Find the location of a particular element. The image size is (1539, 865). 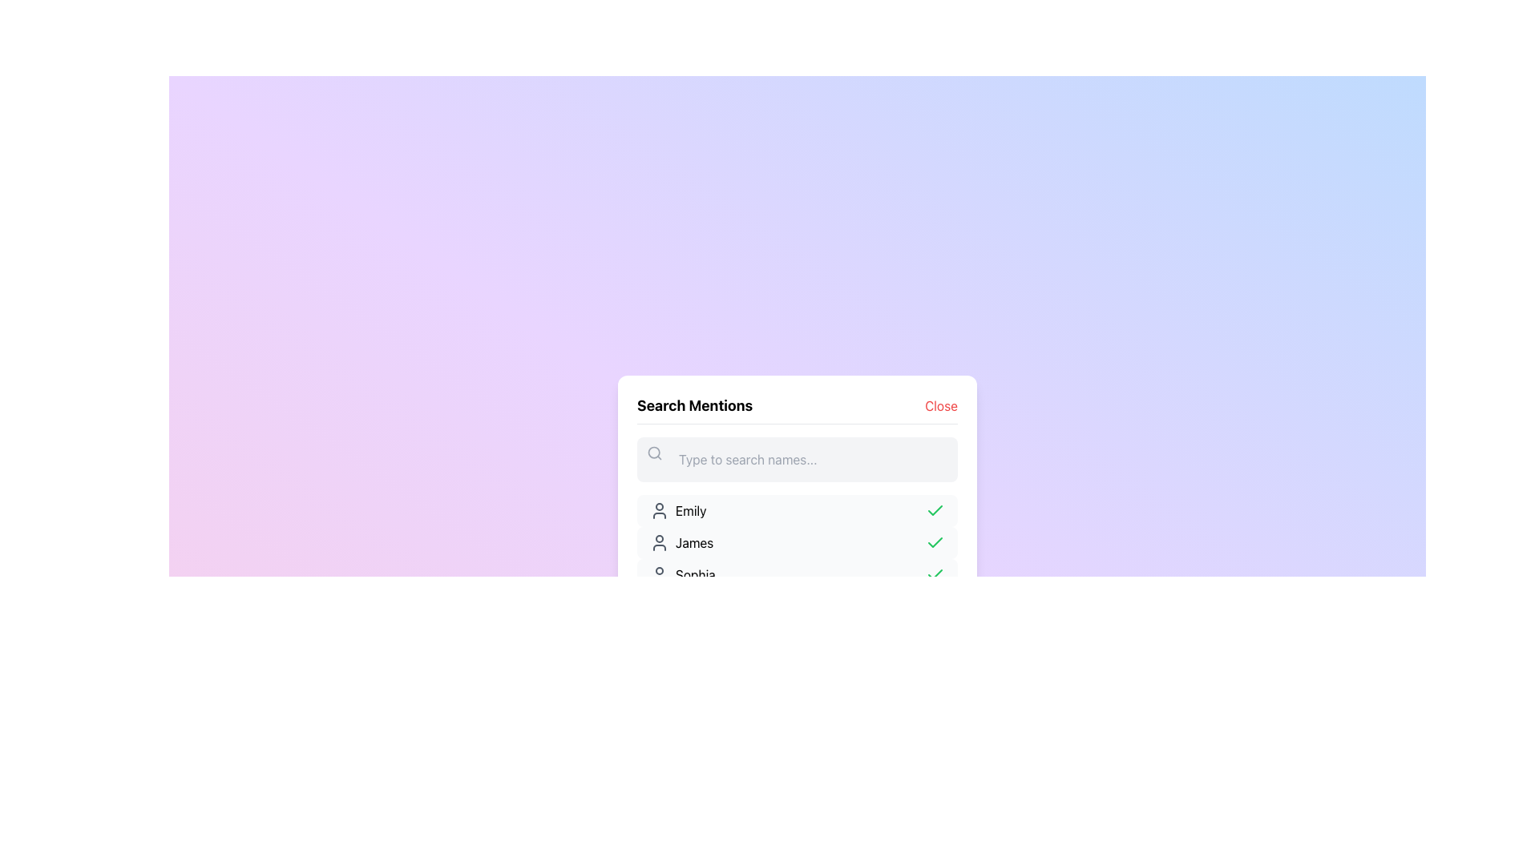

the text label 'Emily' which is the first entry in a vertically arranged selectable list located below the search bar is located at coordinates (691, 510).